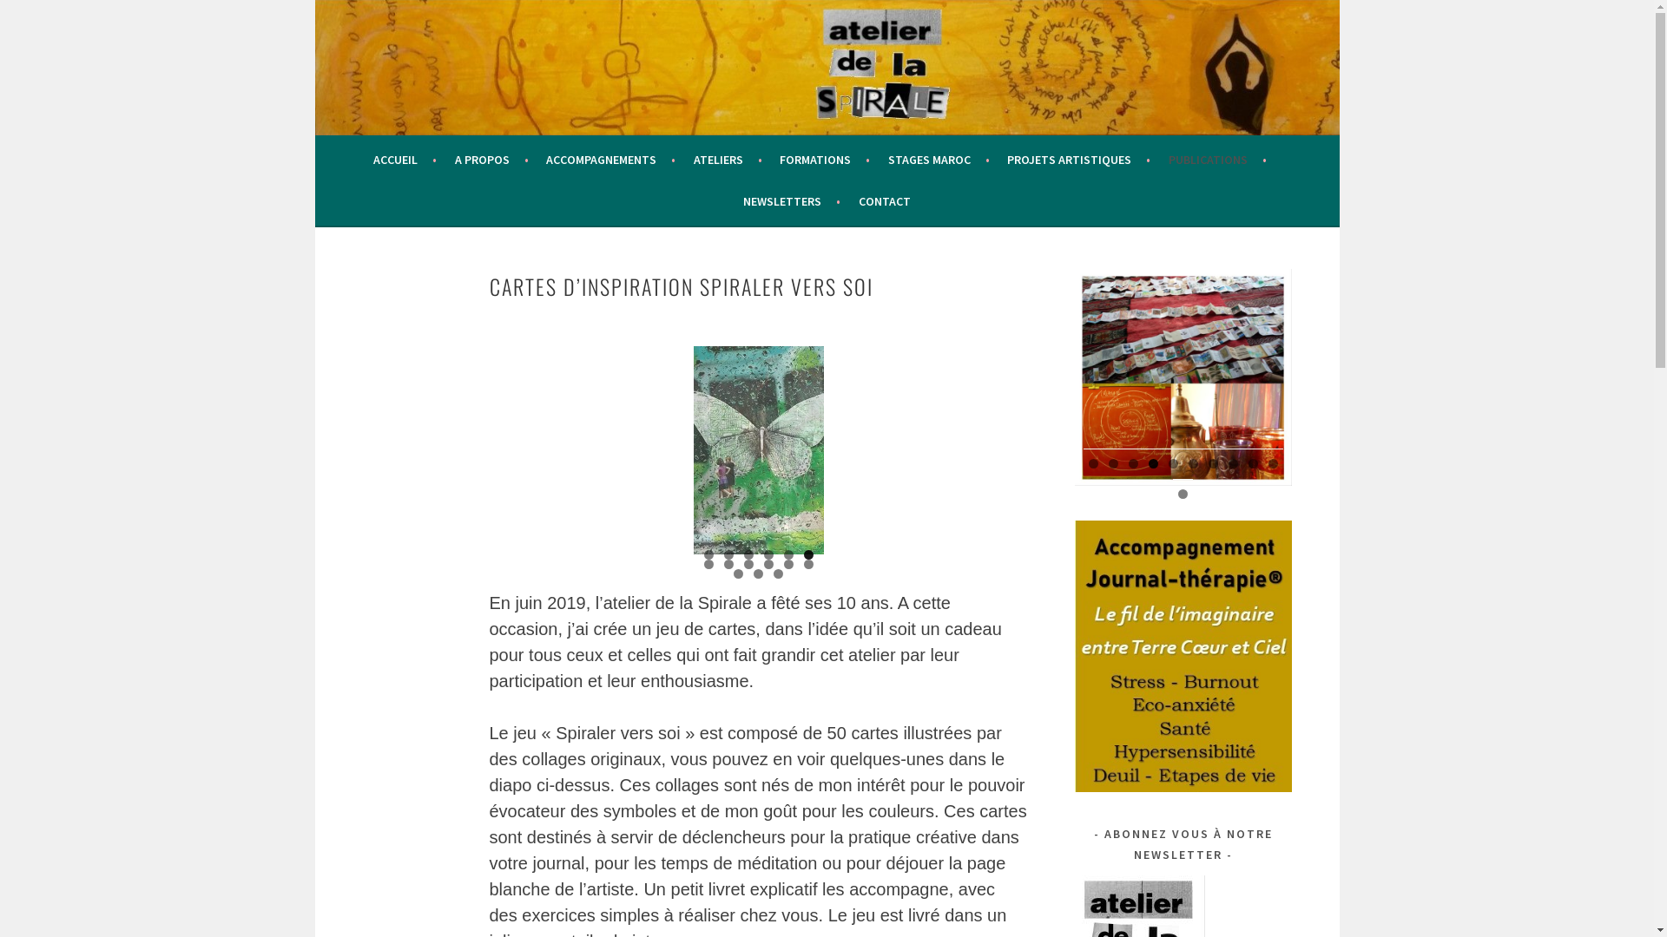  Describe the element at coordinates (1168, 160) in the screenshot. I see `'PUBLICATIONS'` at that location.